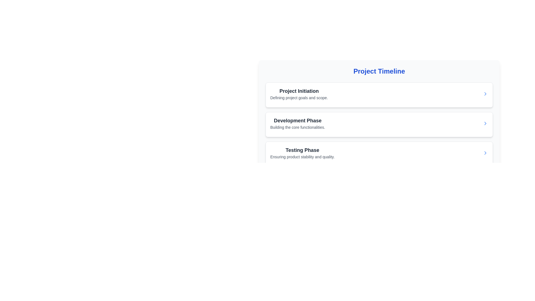 This screenshot has width=535, height=301. Describe the element at coordinates (302, 150) in the screenshot. I see `the section title label for the third section, which is positioned below the 'Development Phase' section and above the description text 'Ensuring product stability and quality'` at that location.